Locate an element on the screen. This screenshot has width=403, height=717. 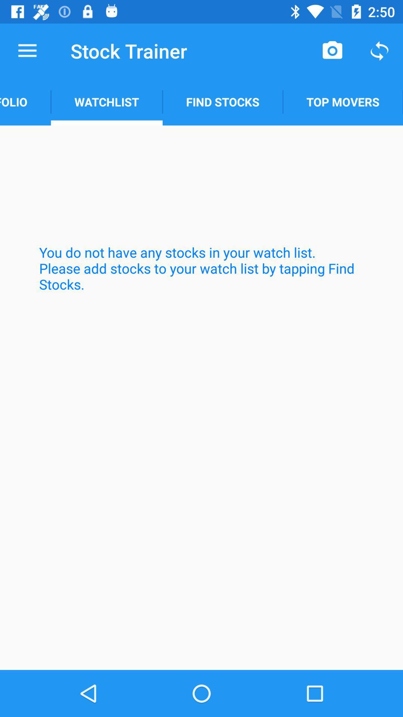
icon above the top movers is located at coordinates (332, 50).